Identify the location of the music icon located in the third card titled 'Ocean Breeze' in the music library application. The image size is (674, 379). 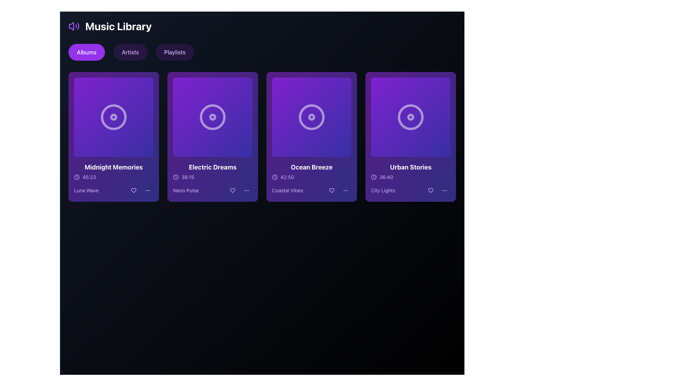
(311, 117).